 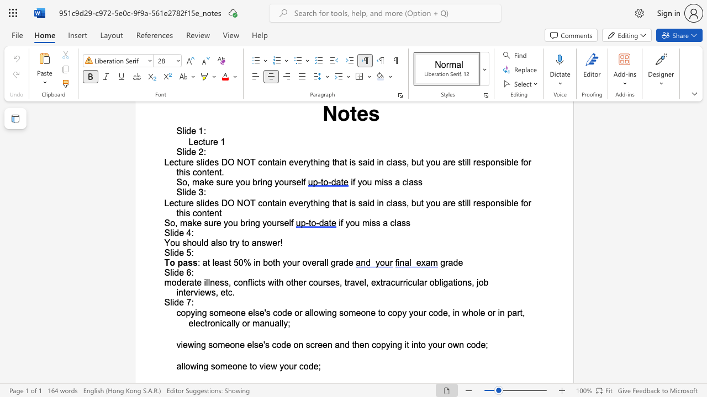 What do you see at coordinates (247, 223) in the screenshot?
I see `the subset text "ing y" within the text "So, make sure you bring yourself"` at bounding box center [247, 223].